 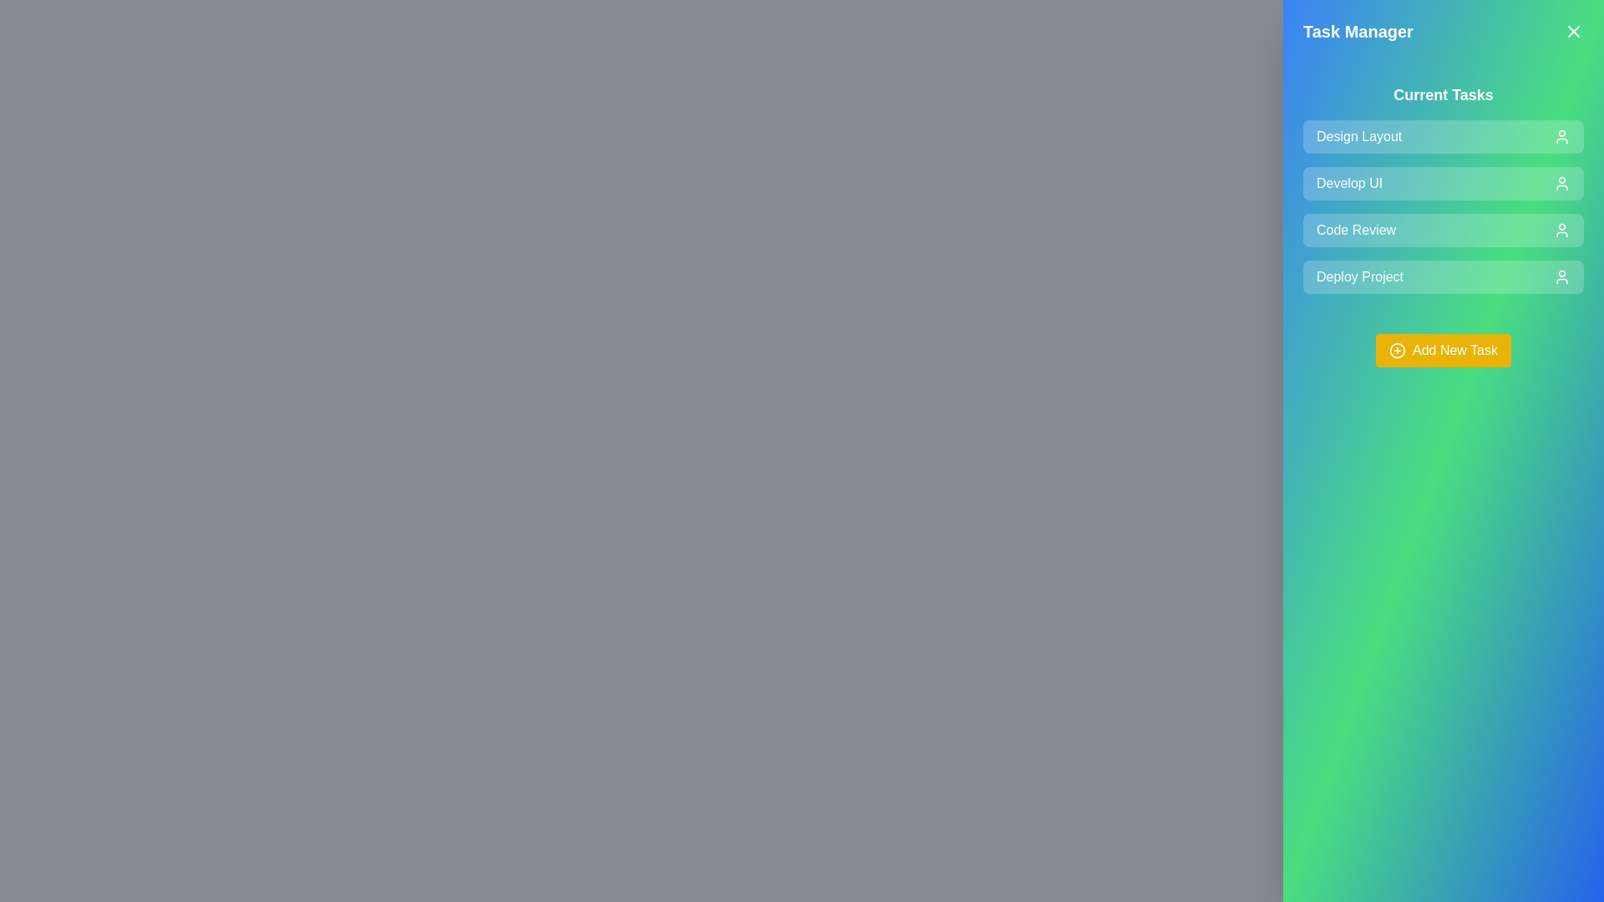 What do you see at coordinates (1561, 276) in the screenshot?
I see `the interactive icon in the last row of the 'Current Tasks' list under 'Task Manager', located to the far right of the 'Deploy Project' row` at bounding box center [1561, 276].